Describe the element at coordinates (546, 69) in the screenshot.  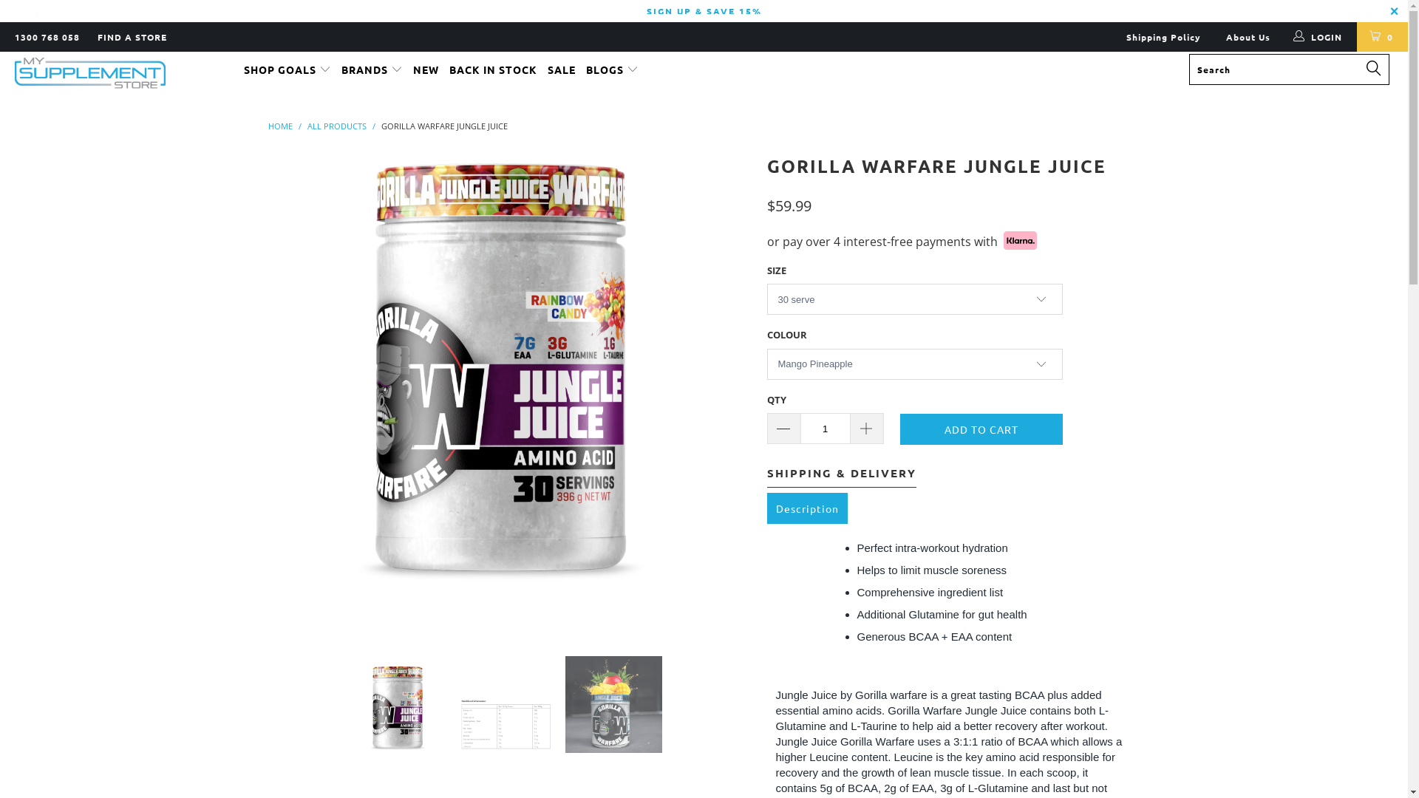
I see `'SALE'` at that location.